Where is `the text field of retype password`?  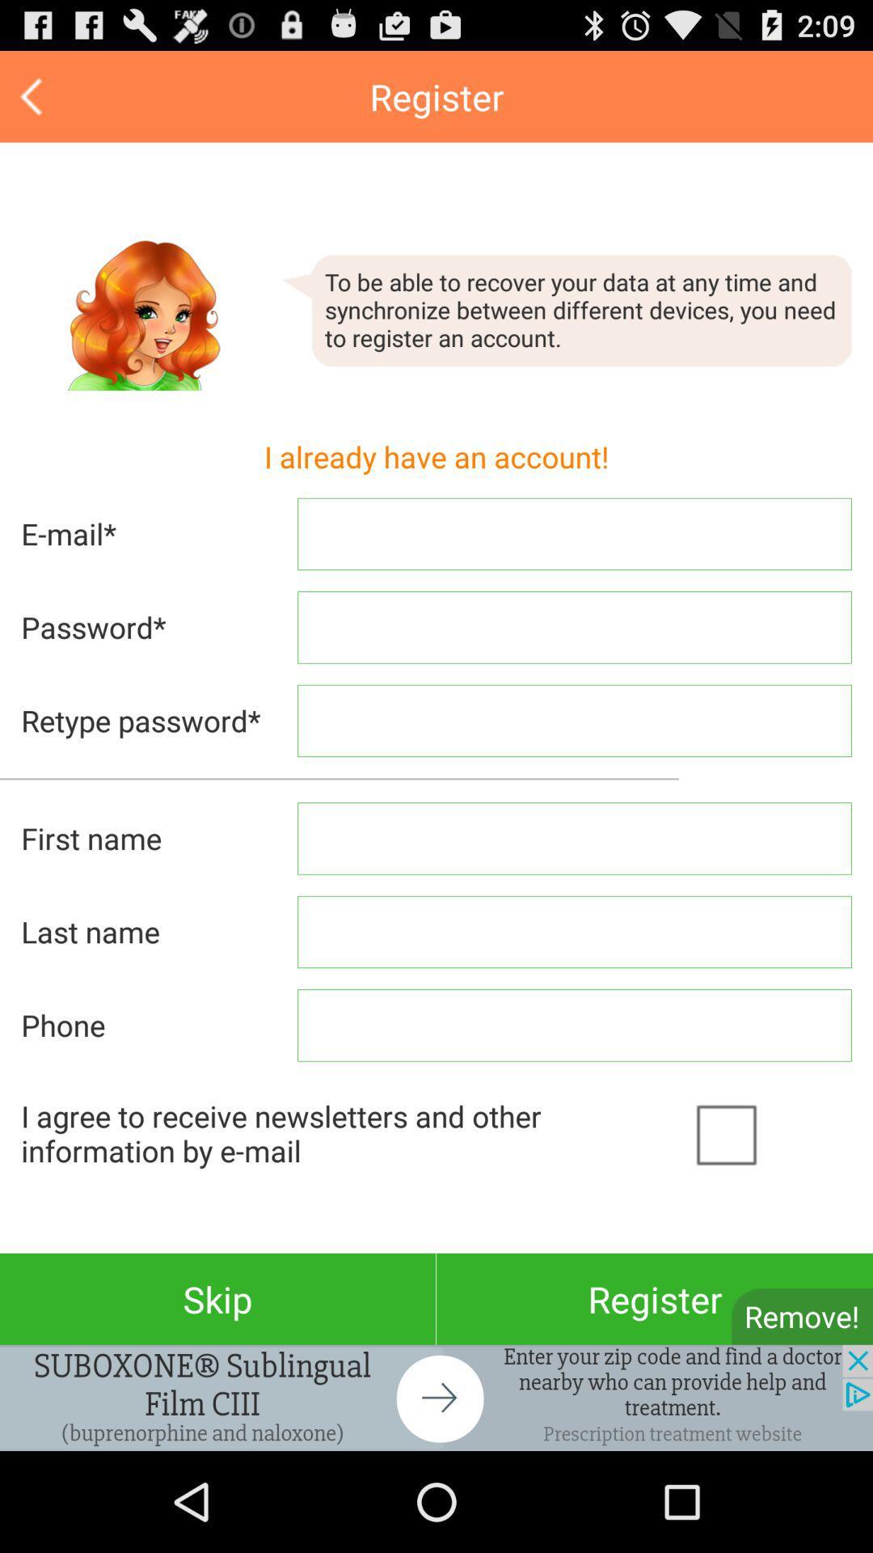 the text field of retype password is located at coordinates (573, 720).